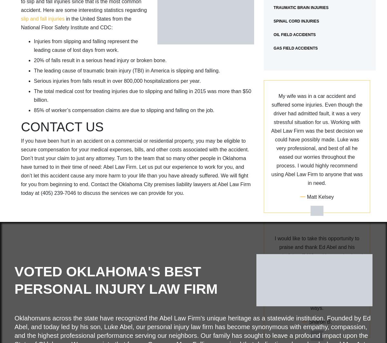 The width and height of the screenshot is (387, 343). What do you see at coordinates (320, 249) in the screenshot?
I see `'Teresa Stone'` at bounding box center [320, 249].